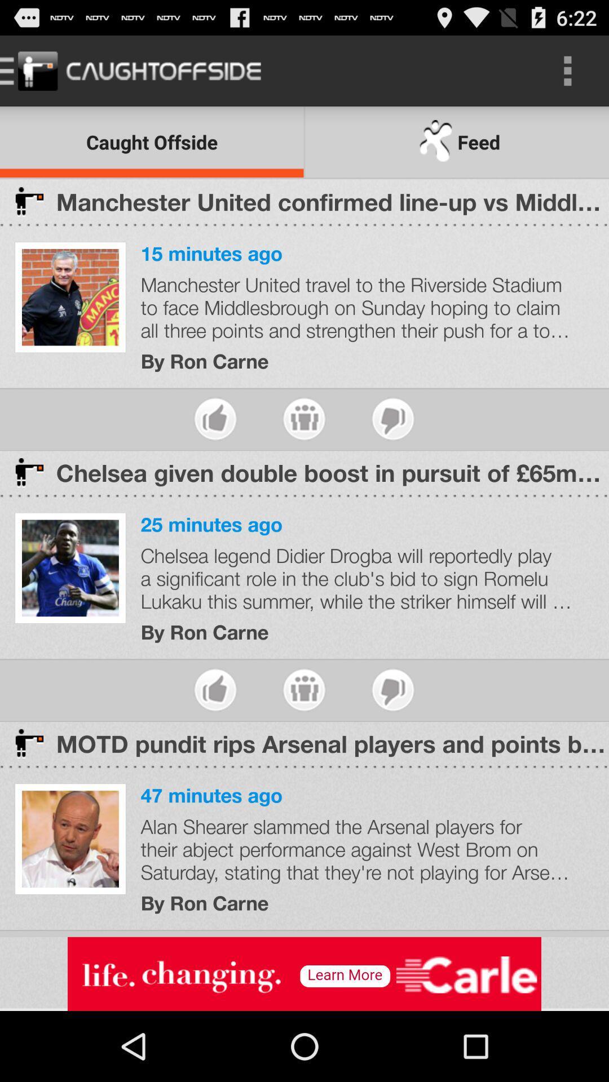 The image size is (609, 1082). What do you see at coordinates (392, 418) in the screenshot?
I see `thumbs down` at bounding box center [392, 418].